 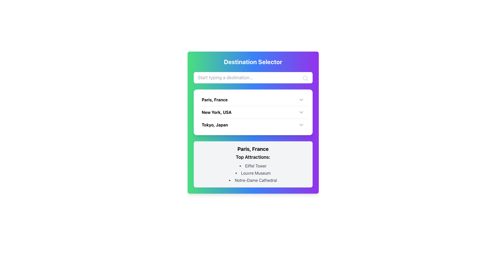 What do you see at coordinates (305, 78) in the screenshot?
I see `the magnifying glass icon for search functionality located at the far right inside the input box` at bounding box center [305, 78].